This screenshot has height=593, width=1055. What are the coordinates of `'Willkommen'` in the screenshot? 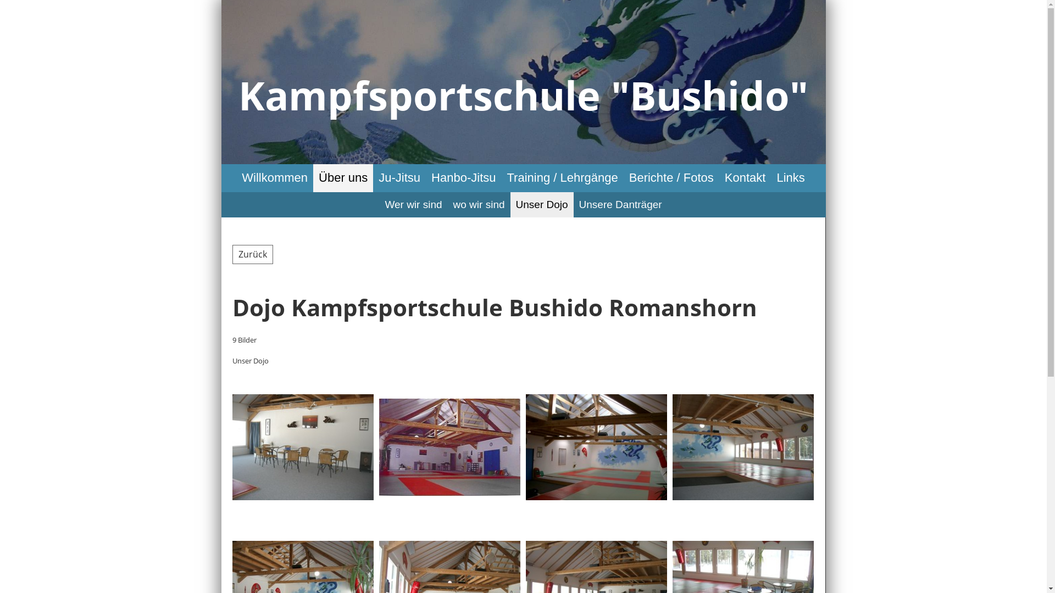 It's located at (236, 177).